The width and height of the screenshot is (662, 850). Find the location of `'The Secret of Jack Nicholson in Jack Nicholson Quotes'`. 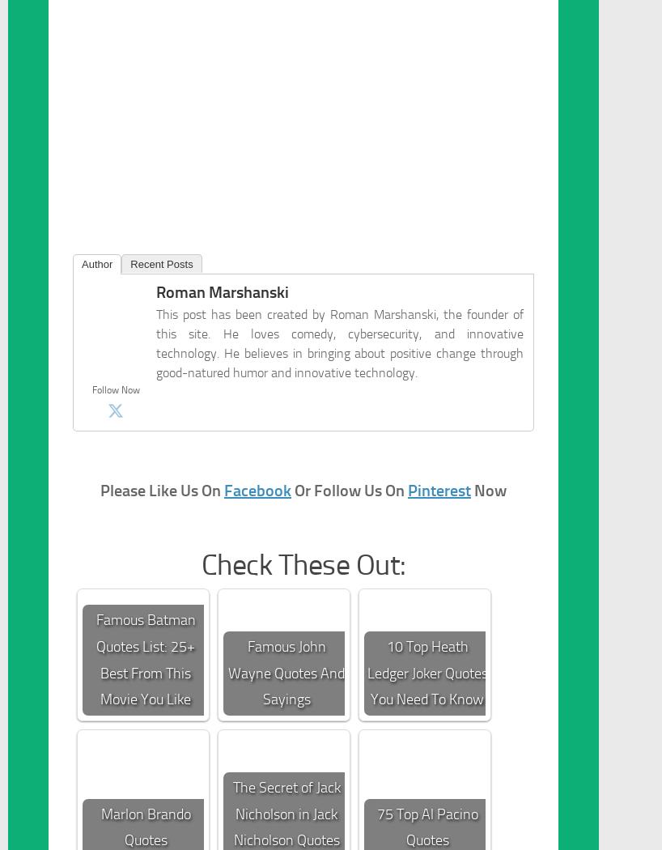

'The Secret of Jack Nicholson in Jack Nicholson Quotes' is located at coordinates (286, 814).